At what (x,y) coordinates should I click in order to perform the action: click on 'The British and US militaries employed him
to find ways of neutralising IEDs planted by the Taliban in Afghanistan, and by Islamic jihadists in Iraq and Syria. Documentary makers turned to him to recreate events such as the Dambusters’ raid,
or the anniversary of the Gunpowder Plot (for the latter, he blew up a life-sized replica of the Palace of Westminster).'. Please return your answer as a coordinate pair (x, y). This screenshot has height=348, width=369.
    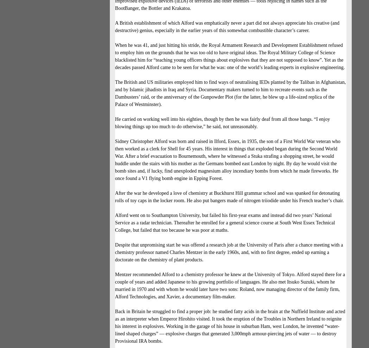
    Looking at the image, I should click on (230, 93).